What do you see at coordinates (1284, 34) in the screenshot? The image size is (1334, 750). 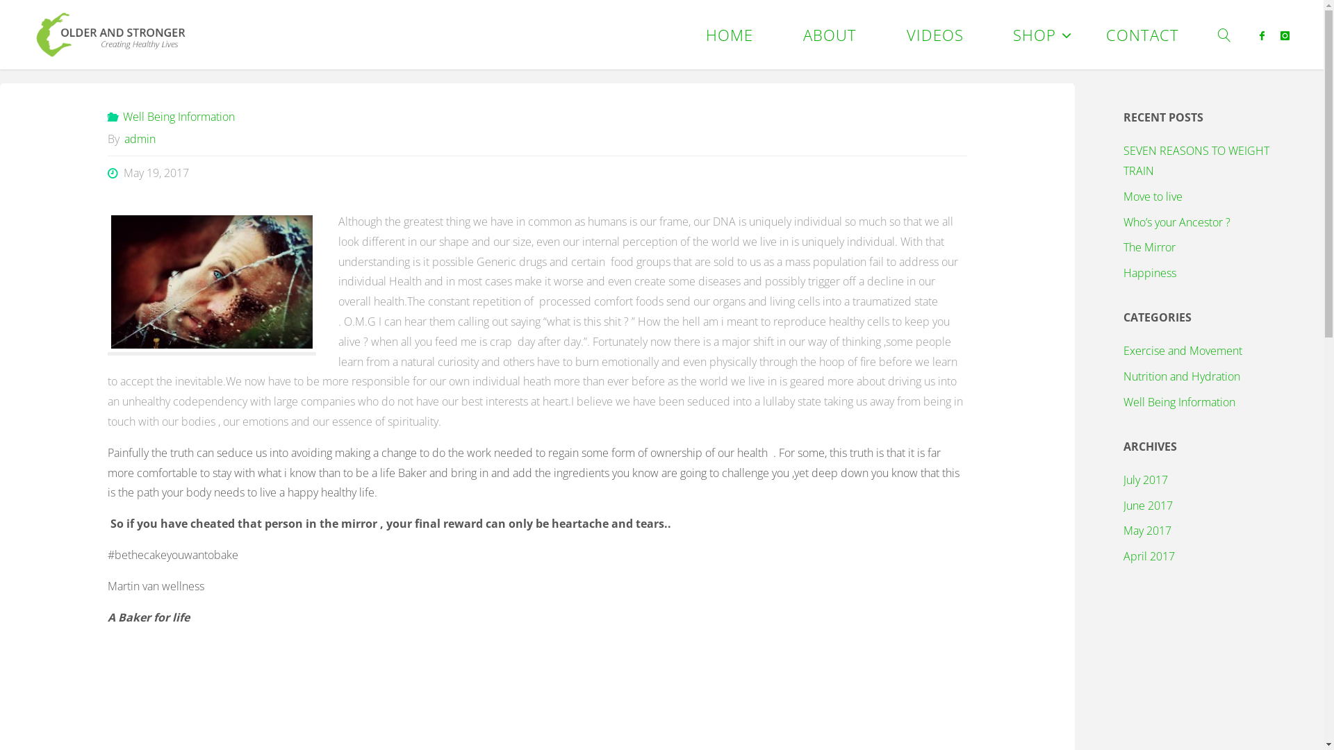 I see `'Instagram'` at bounding box center [1284, 34].